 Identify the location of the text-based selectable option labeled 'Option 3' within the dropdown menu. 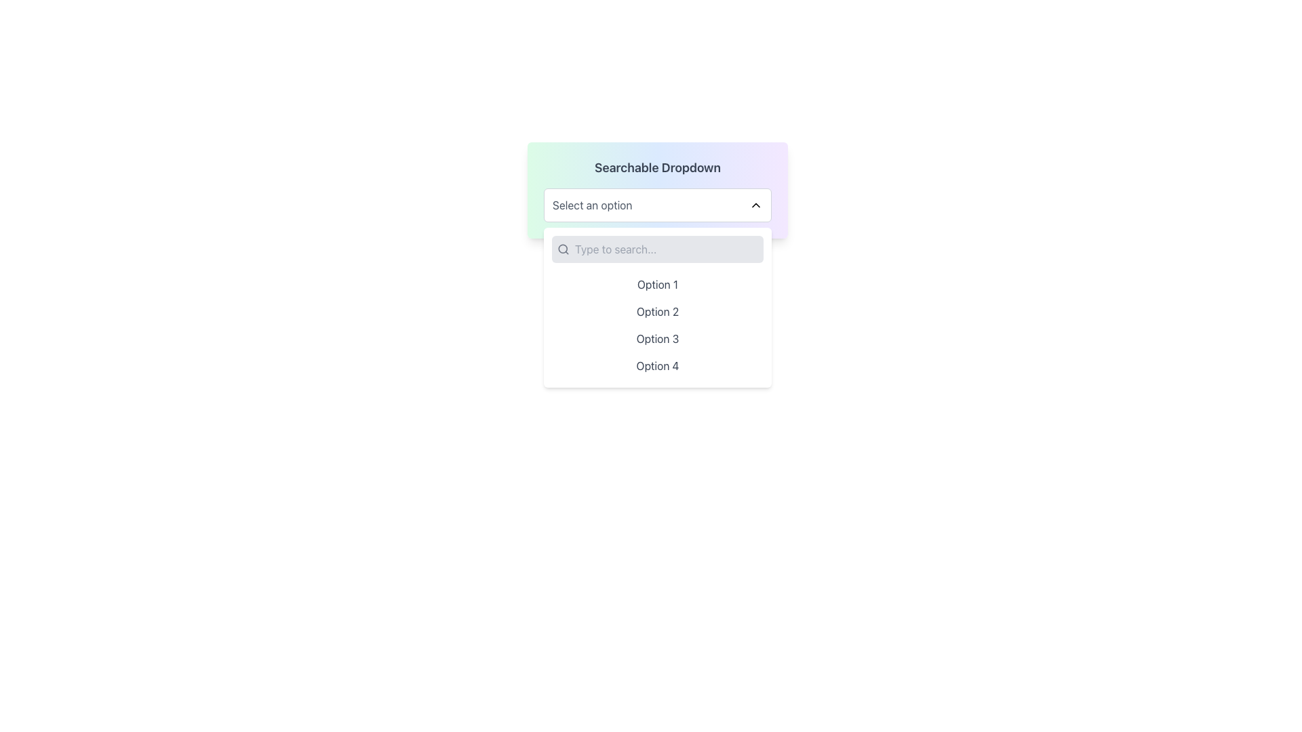
(657, 338).